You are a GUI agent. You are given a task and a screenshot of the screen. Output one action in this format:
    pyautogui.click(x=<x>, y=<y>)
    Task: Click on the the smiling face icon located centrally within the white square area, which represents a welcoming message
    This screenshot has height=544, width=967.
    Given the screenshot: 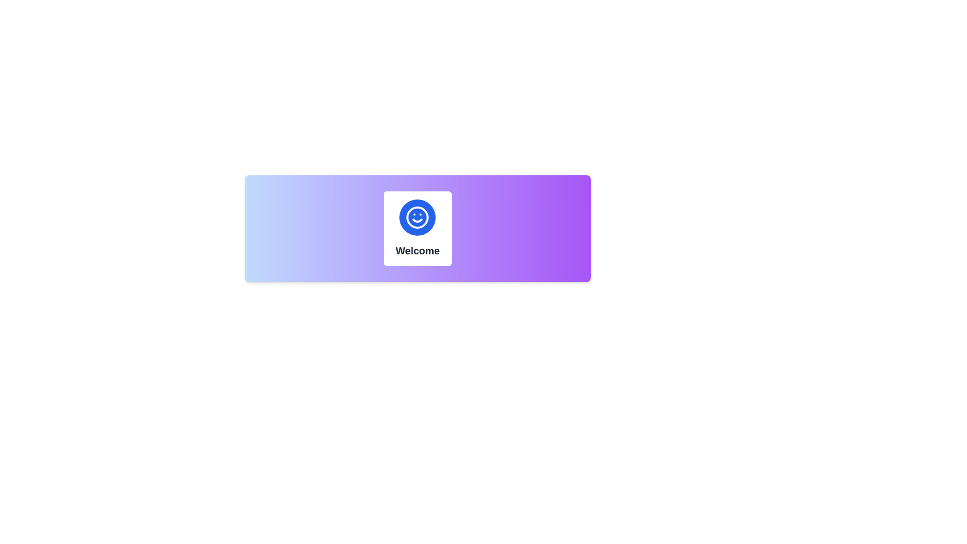 What is the action you would take?
    pyautogui.click(x=418, y=217)
    